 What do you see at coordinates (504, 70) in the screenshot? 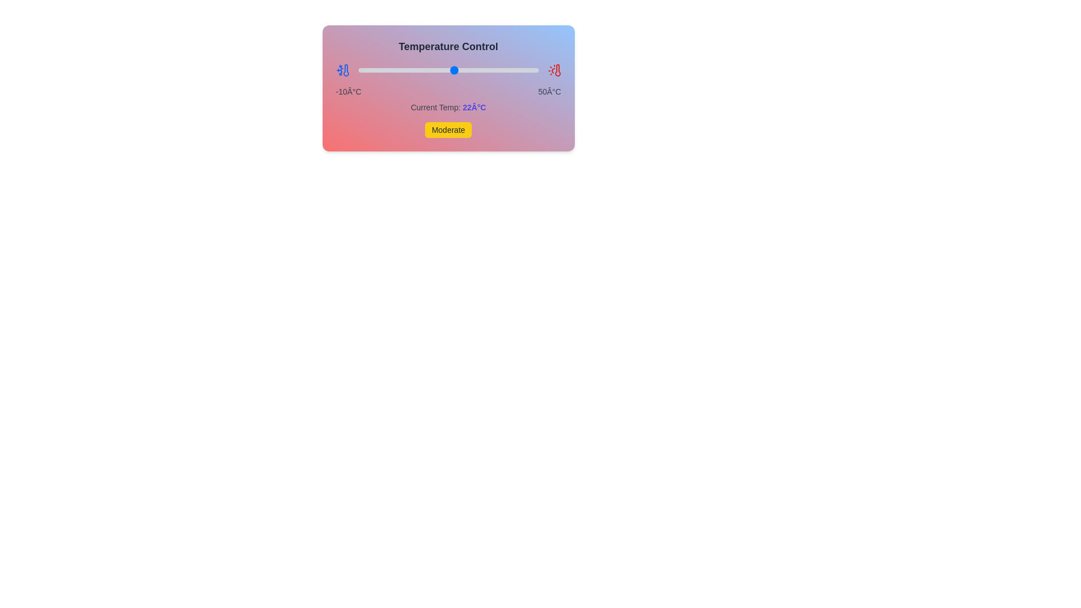
I see `the temperature slider to 39°C` at bounding box center [504, 70].